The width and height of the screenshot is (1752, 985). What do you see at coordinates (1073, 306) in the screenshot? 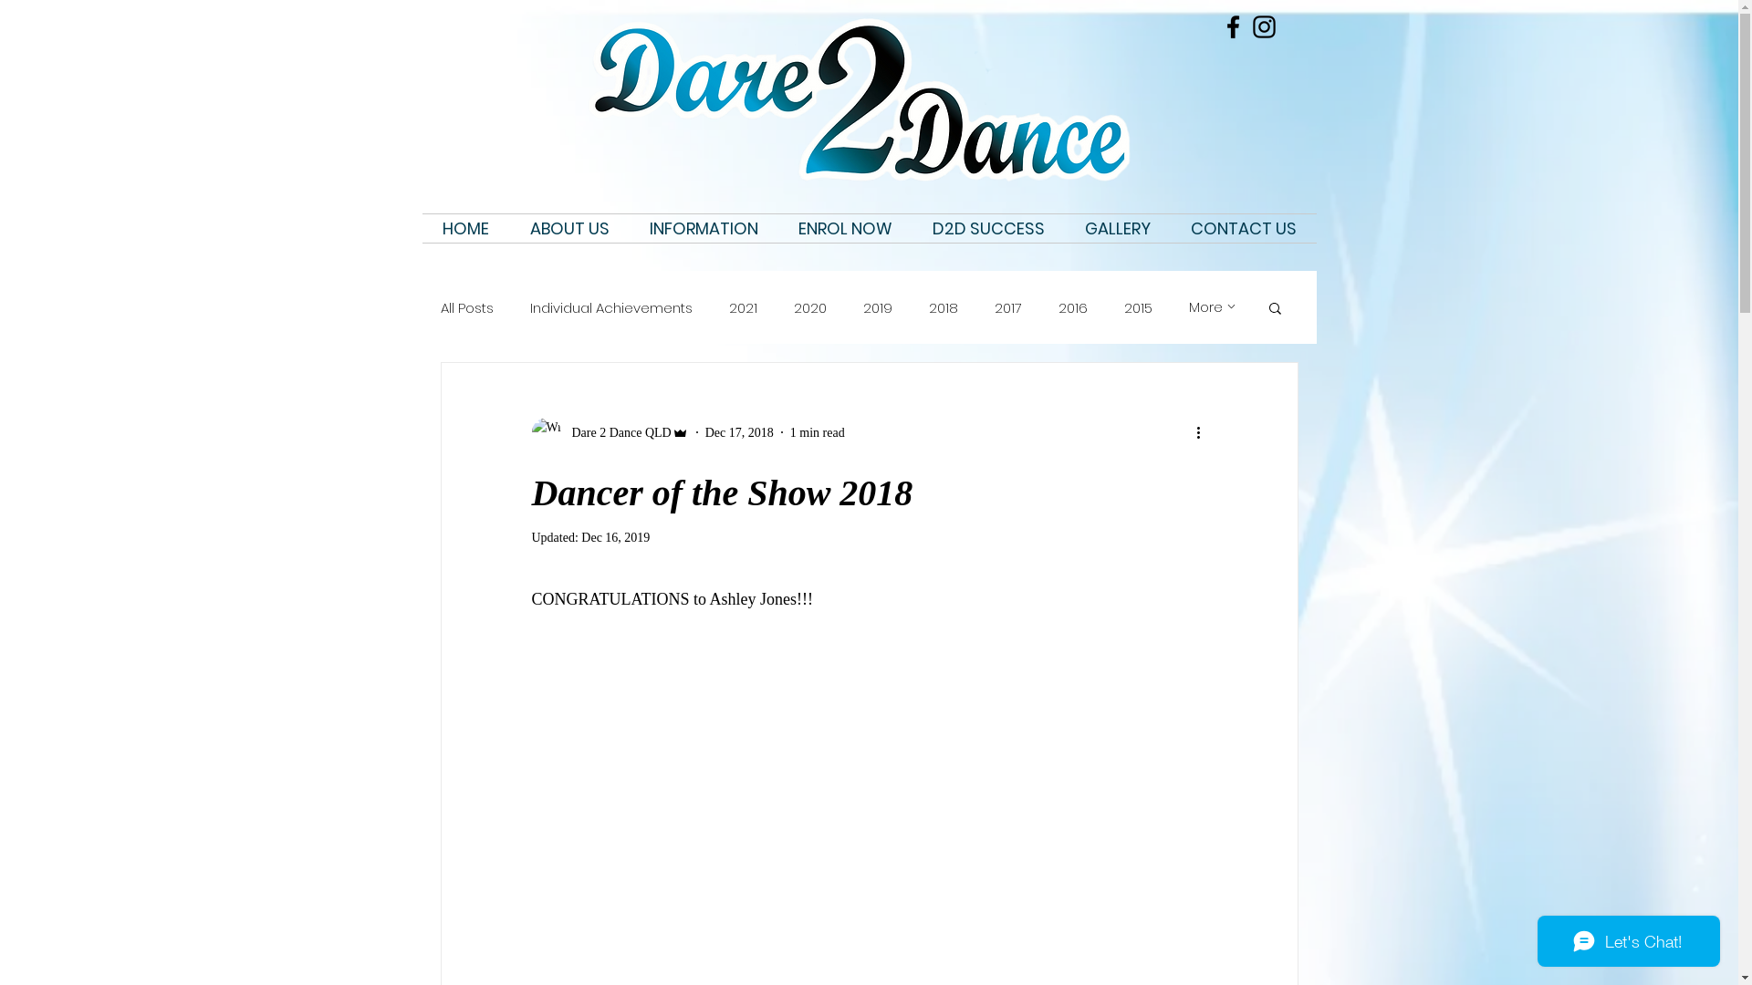
I see `'2016'` at bounding box center [1073, 306].